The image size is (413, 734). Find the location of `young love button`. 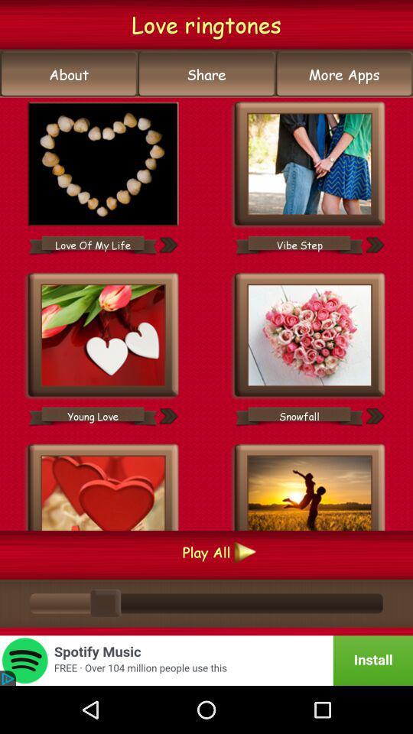

young love button is located at coordinates (93, 416).